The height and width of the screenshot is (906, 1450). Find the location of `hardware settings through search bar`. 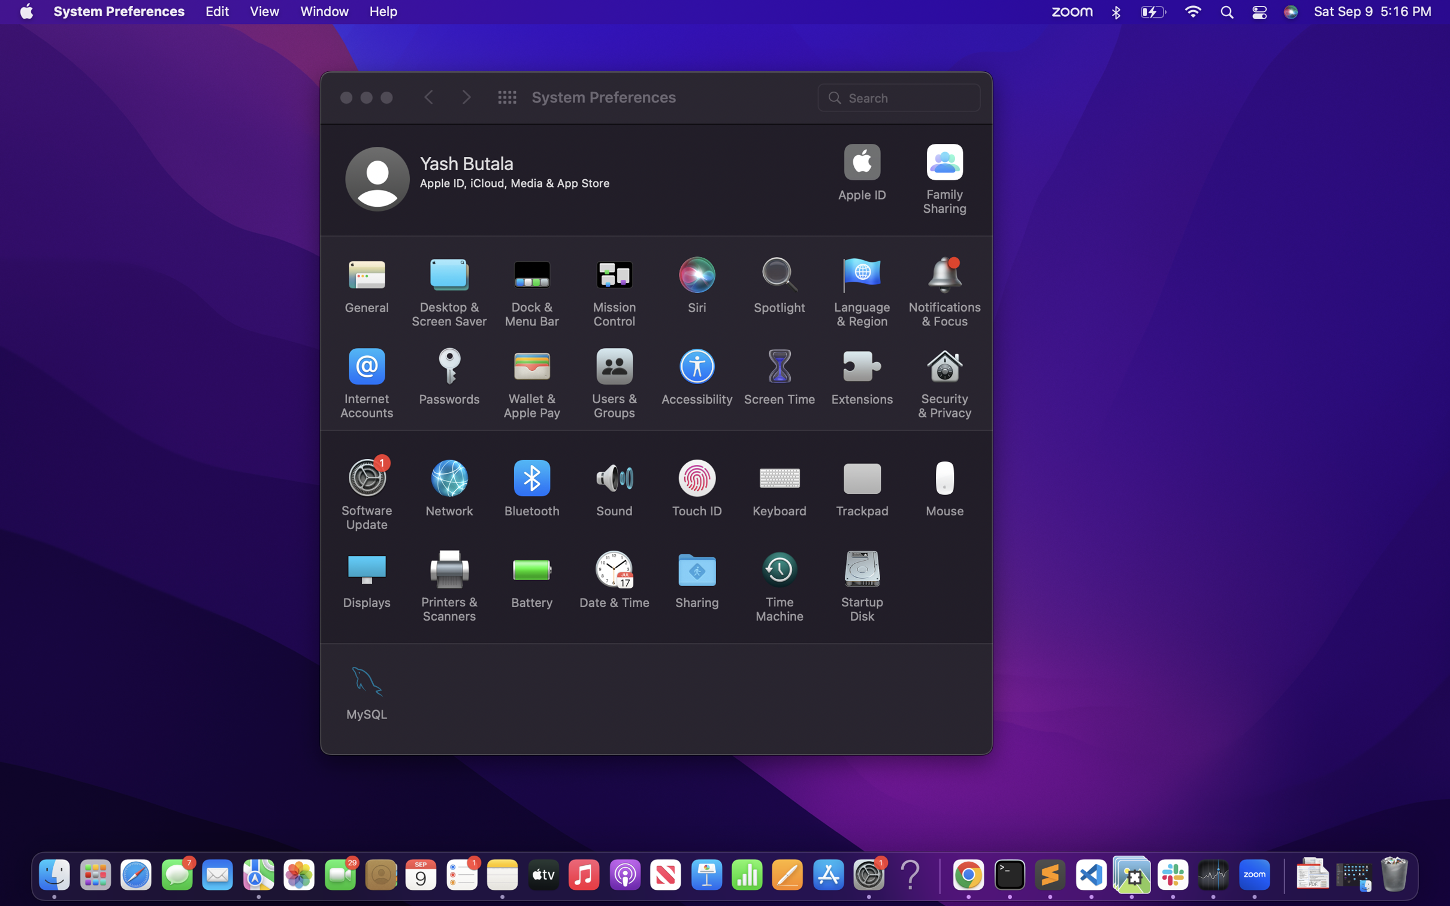

hardware settings through search bar is located at coordinates (900, 96).